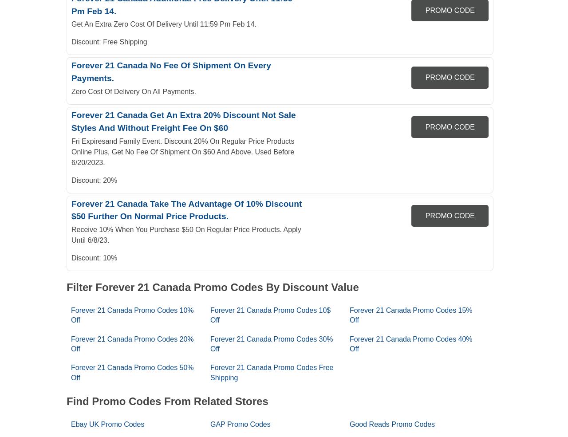 This screenshot has width=568, height=437. I want to click on 'Forever 21 Canada Promo Codes 50% Off', so click(131, 372).